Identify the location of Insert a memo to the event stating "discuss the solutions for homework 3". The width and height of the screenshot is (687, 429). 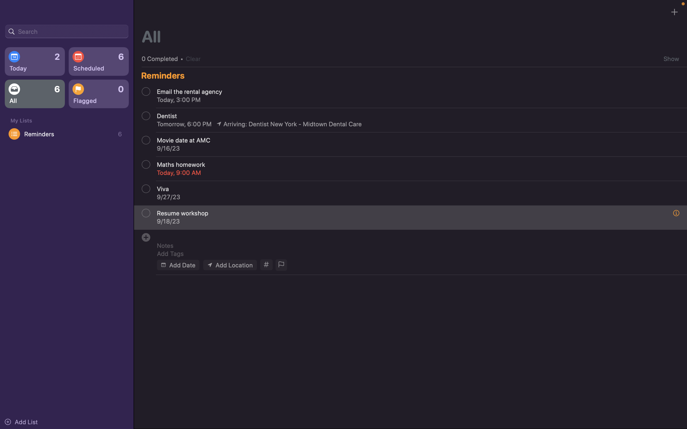
(414, 245).